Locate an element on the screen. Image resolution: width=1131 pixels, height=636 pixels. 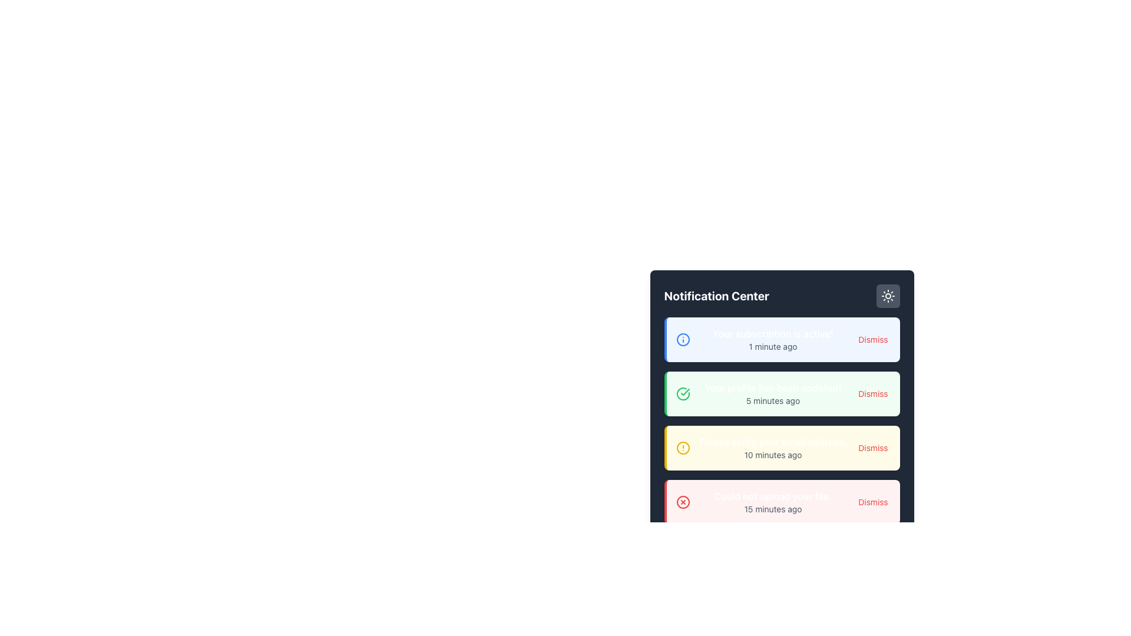
the blue circular icon with a white 'i' symbol in the notification box, located is located at coordinates (683, 340).